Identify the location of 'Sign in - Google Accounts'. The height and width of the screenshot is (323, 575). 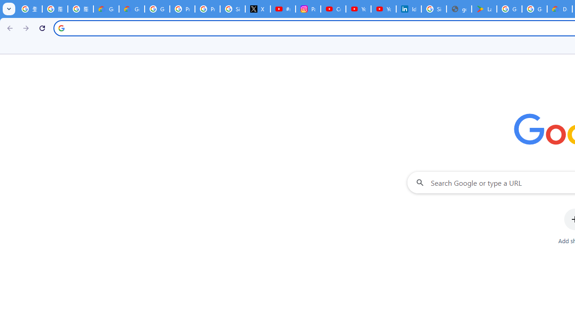
(434, 9).